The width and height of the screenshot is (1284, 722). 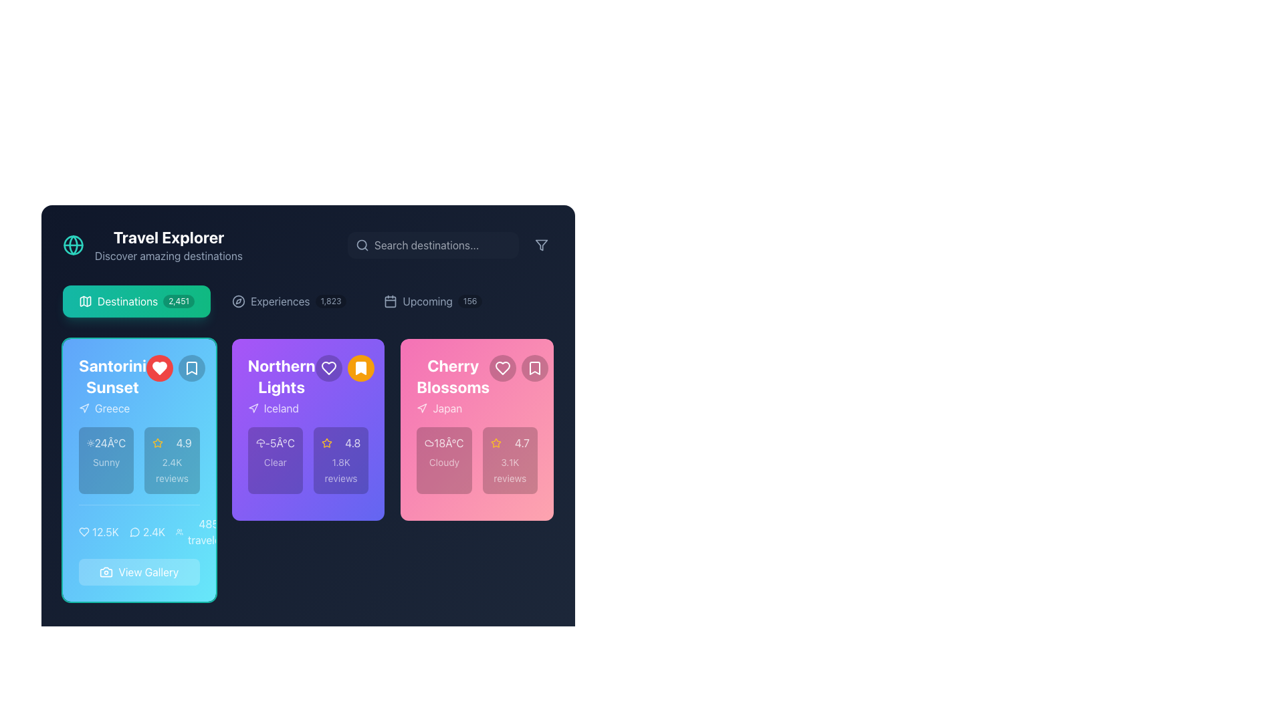 What do you see at coordinates (112, 407) in the screenshot?
I see `the static text label displaying 'Greece' in white on a blue background, located within the 'Santorini Sunset' card` at bounding box center [112, 407].